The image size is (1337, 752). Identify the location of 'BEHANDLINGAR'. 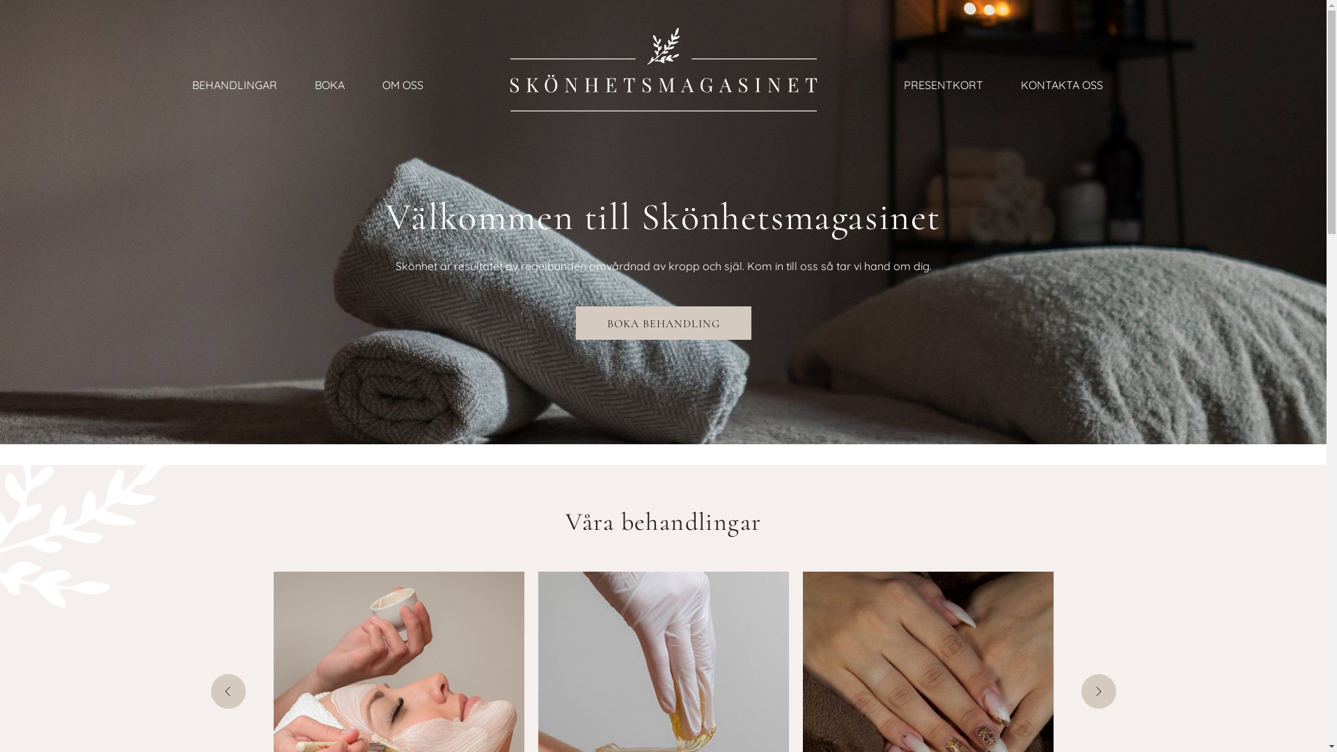
(234, 86).